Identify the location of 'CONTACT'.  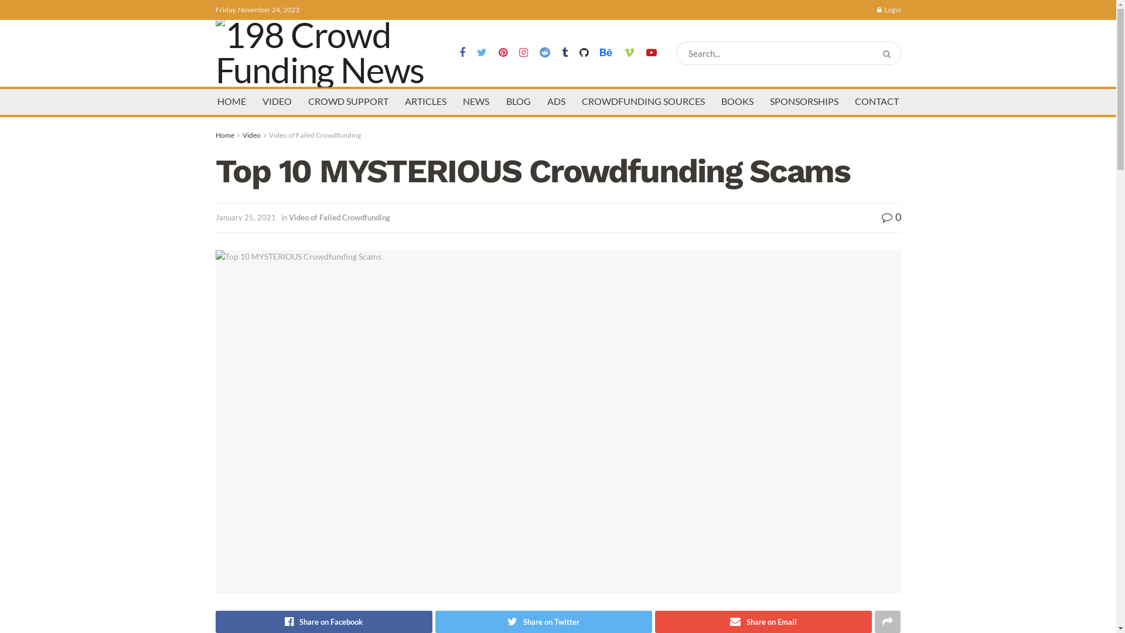
(877, 100).